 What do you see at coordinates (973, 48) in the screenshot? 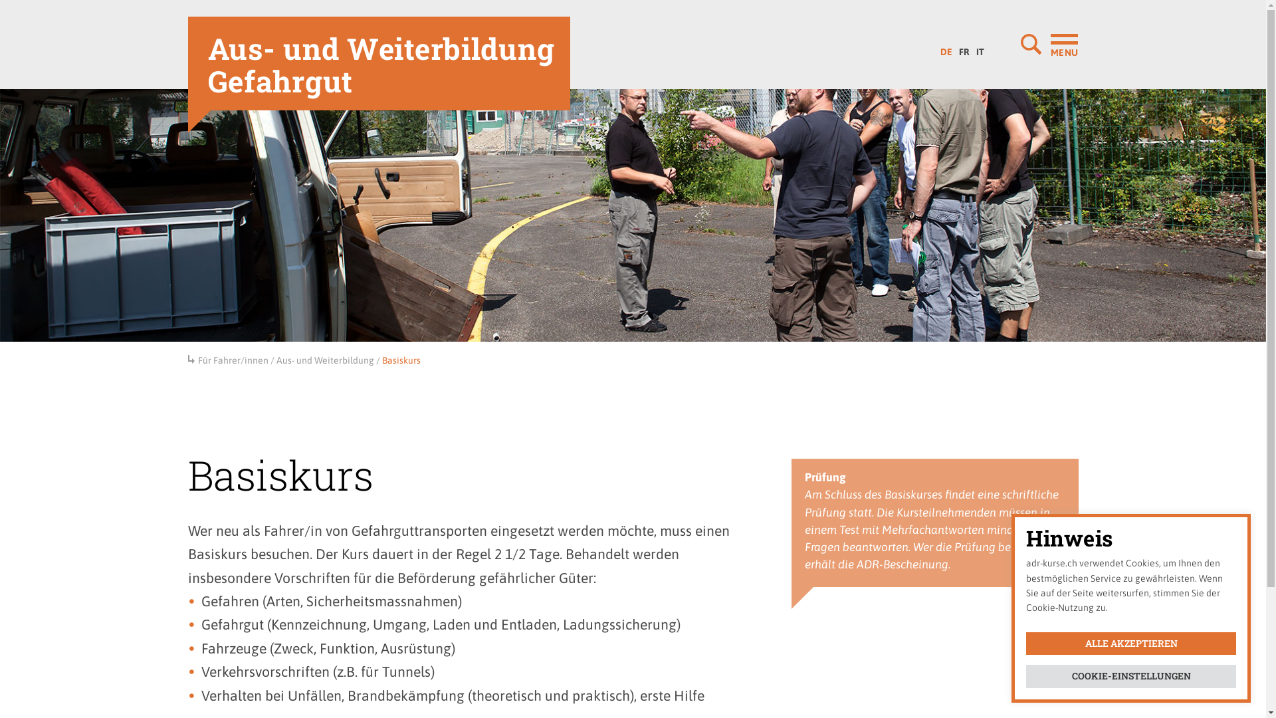
I see `'IT'` at bounding box center [973, 48].